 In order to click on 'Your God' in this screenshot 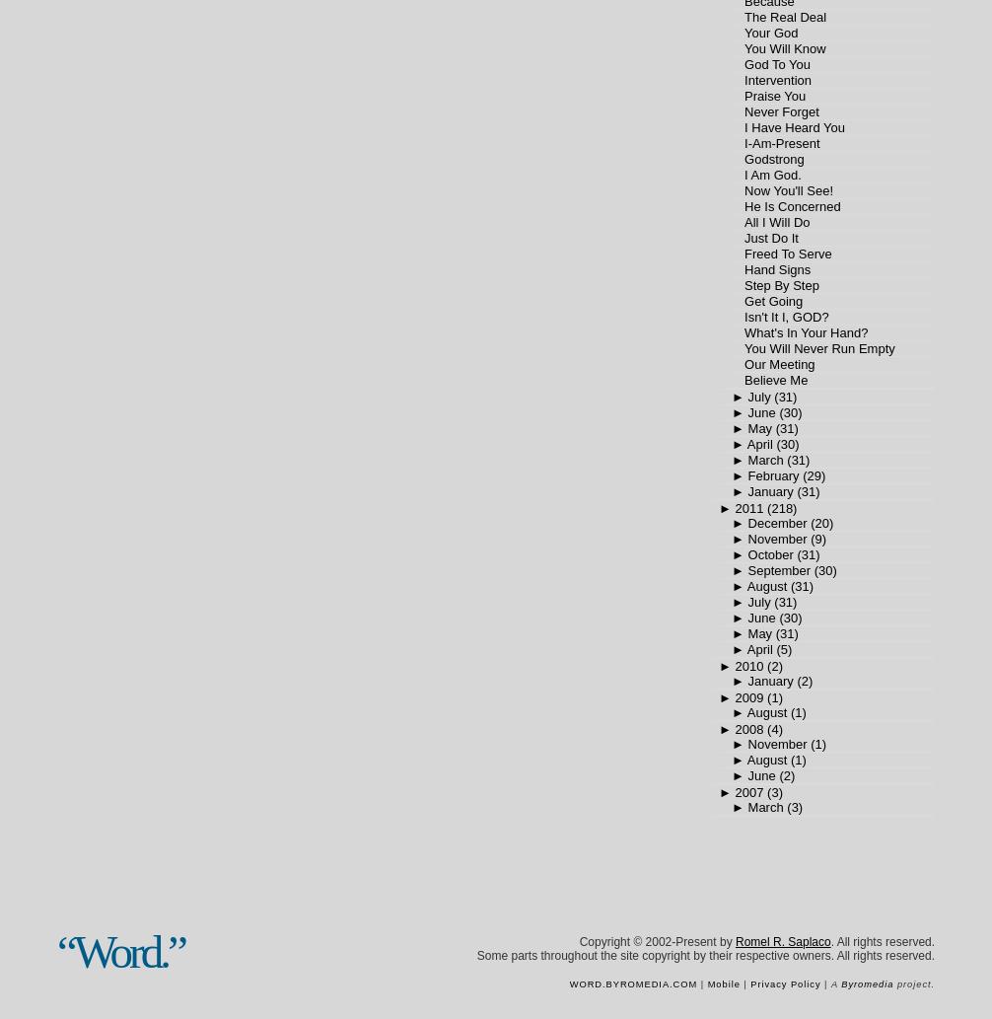, I will do `click(769, 33)`.